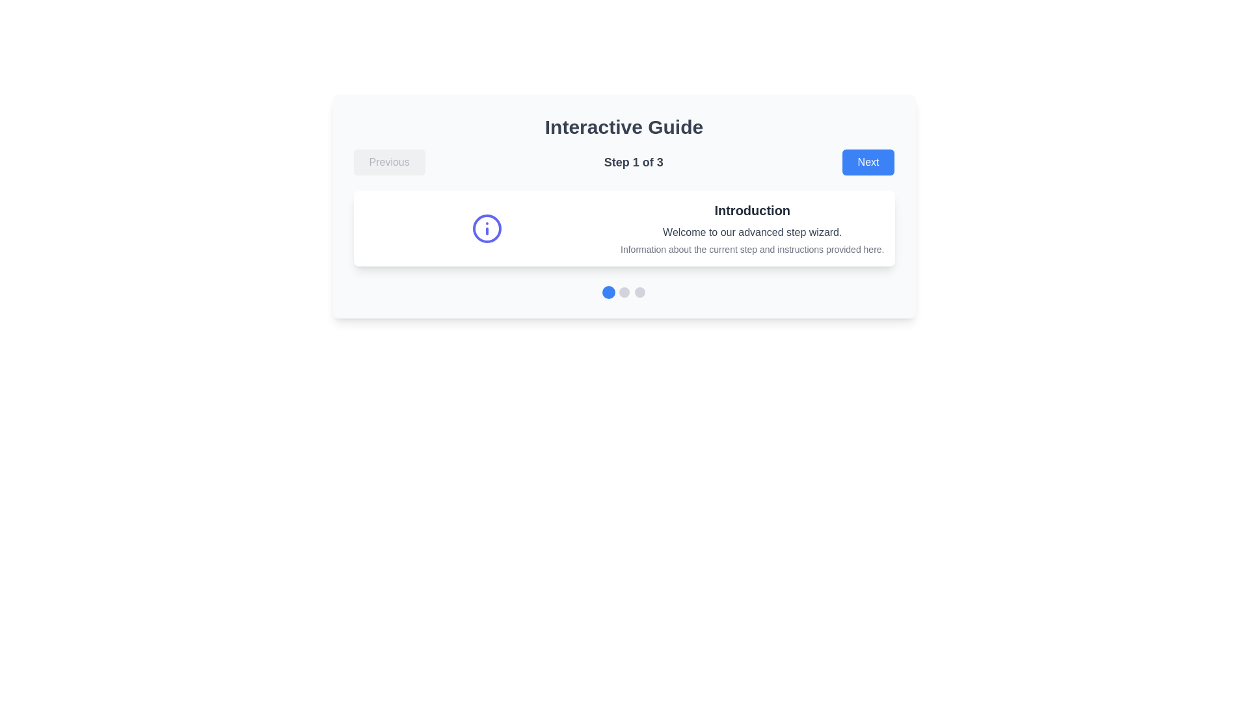 This screenshot has width=1249, height=702. What do you see at coordinates (752, 210) in the screenshot?
I see `the Text label that serves as a heading in the wizard interface, located in the main content area above other textual information` at bounding box center [752, 210].